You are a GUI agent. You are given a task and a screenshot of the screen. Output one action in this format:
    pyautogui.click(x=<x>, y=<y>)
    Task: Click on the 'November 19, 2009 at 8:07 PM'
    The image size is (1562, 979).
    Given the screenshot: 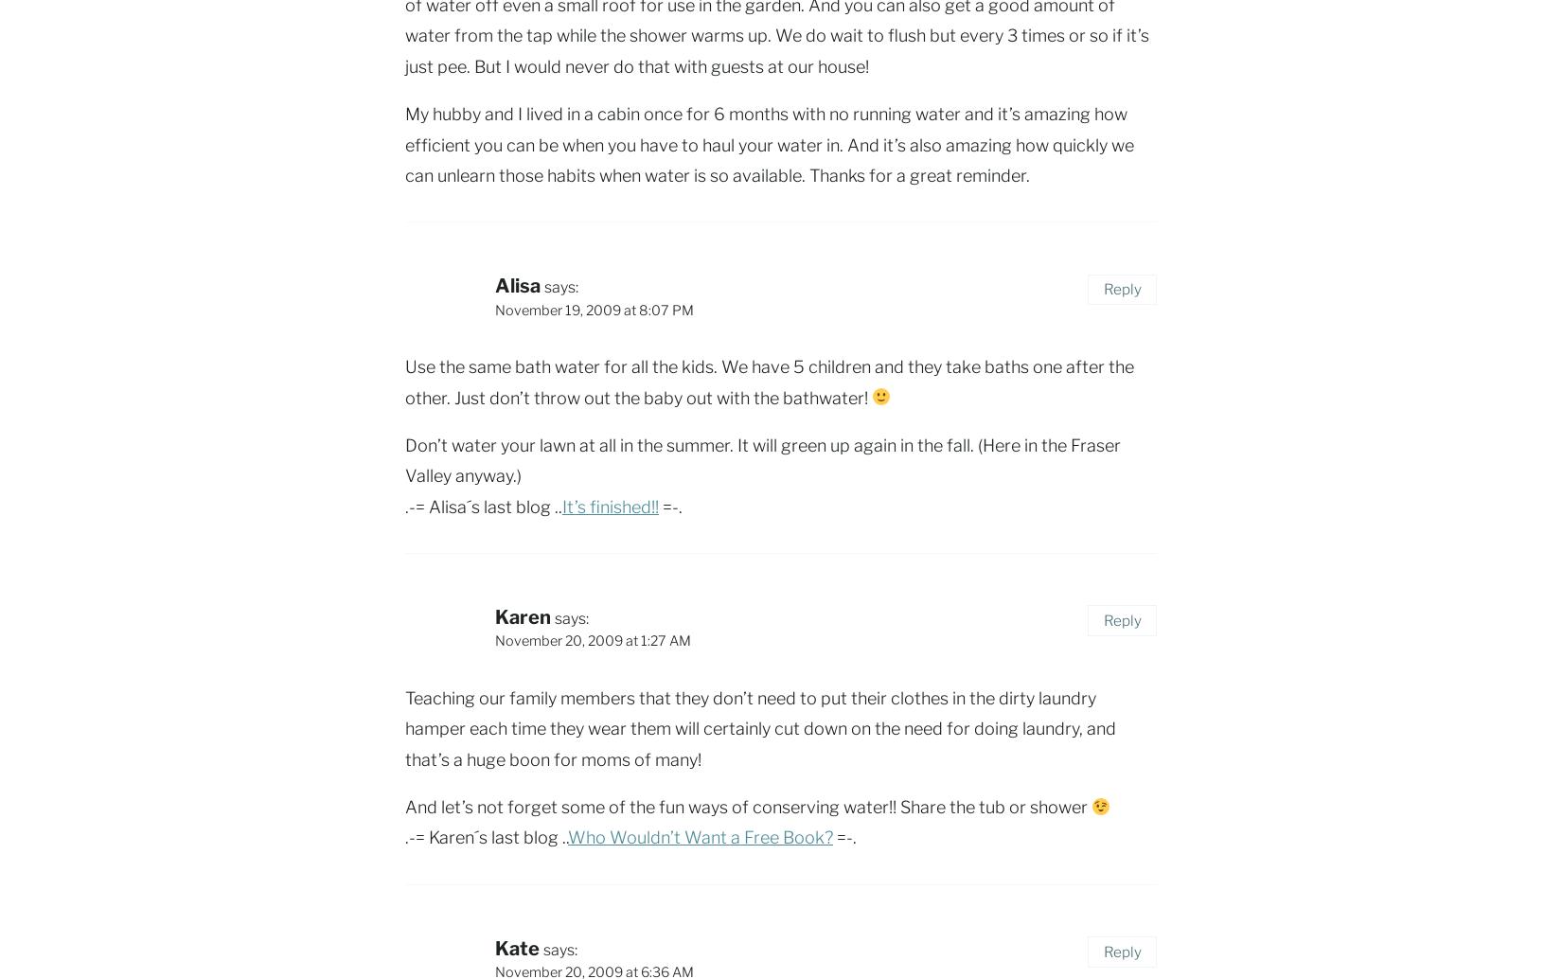 What is the action you would take?
    pyautogui.click(x=593, y=308)
    